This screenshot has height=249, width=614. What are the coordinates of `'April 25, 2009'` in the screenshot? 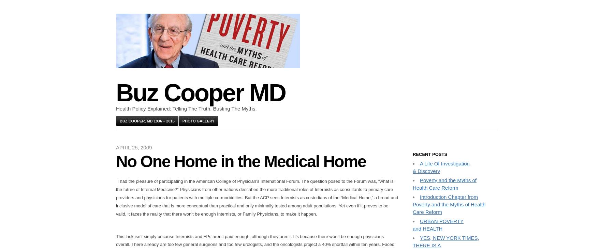 It's located at (134, 147).